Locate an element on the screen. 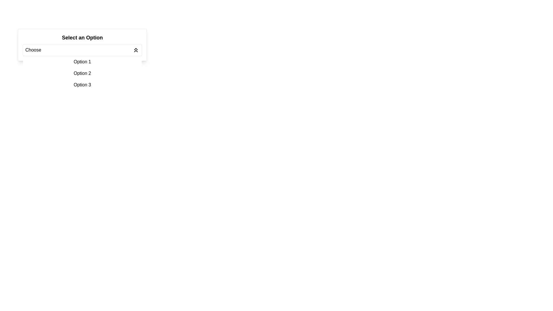 This screenshot has height=311, width=553. an option from the dropdown menu labeled 'Choose' that has the title 'Select an Option' in bold text is located at coordinates (82, 44).